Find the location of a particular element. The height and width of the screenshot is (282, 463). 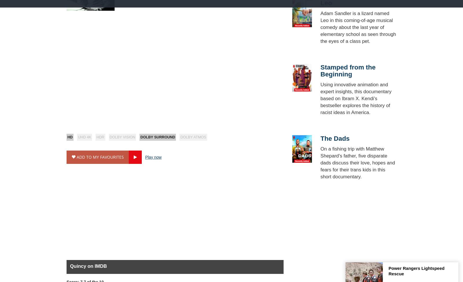

'Adam Sandler is a lizard named Leo in this coming-of-age musical comedy about the last year of elementary school as seen through the eyes of a class pet.' is located at coordinates (358, 27).